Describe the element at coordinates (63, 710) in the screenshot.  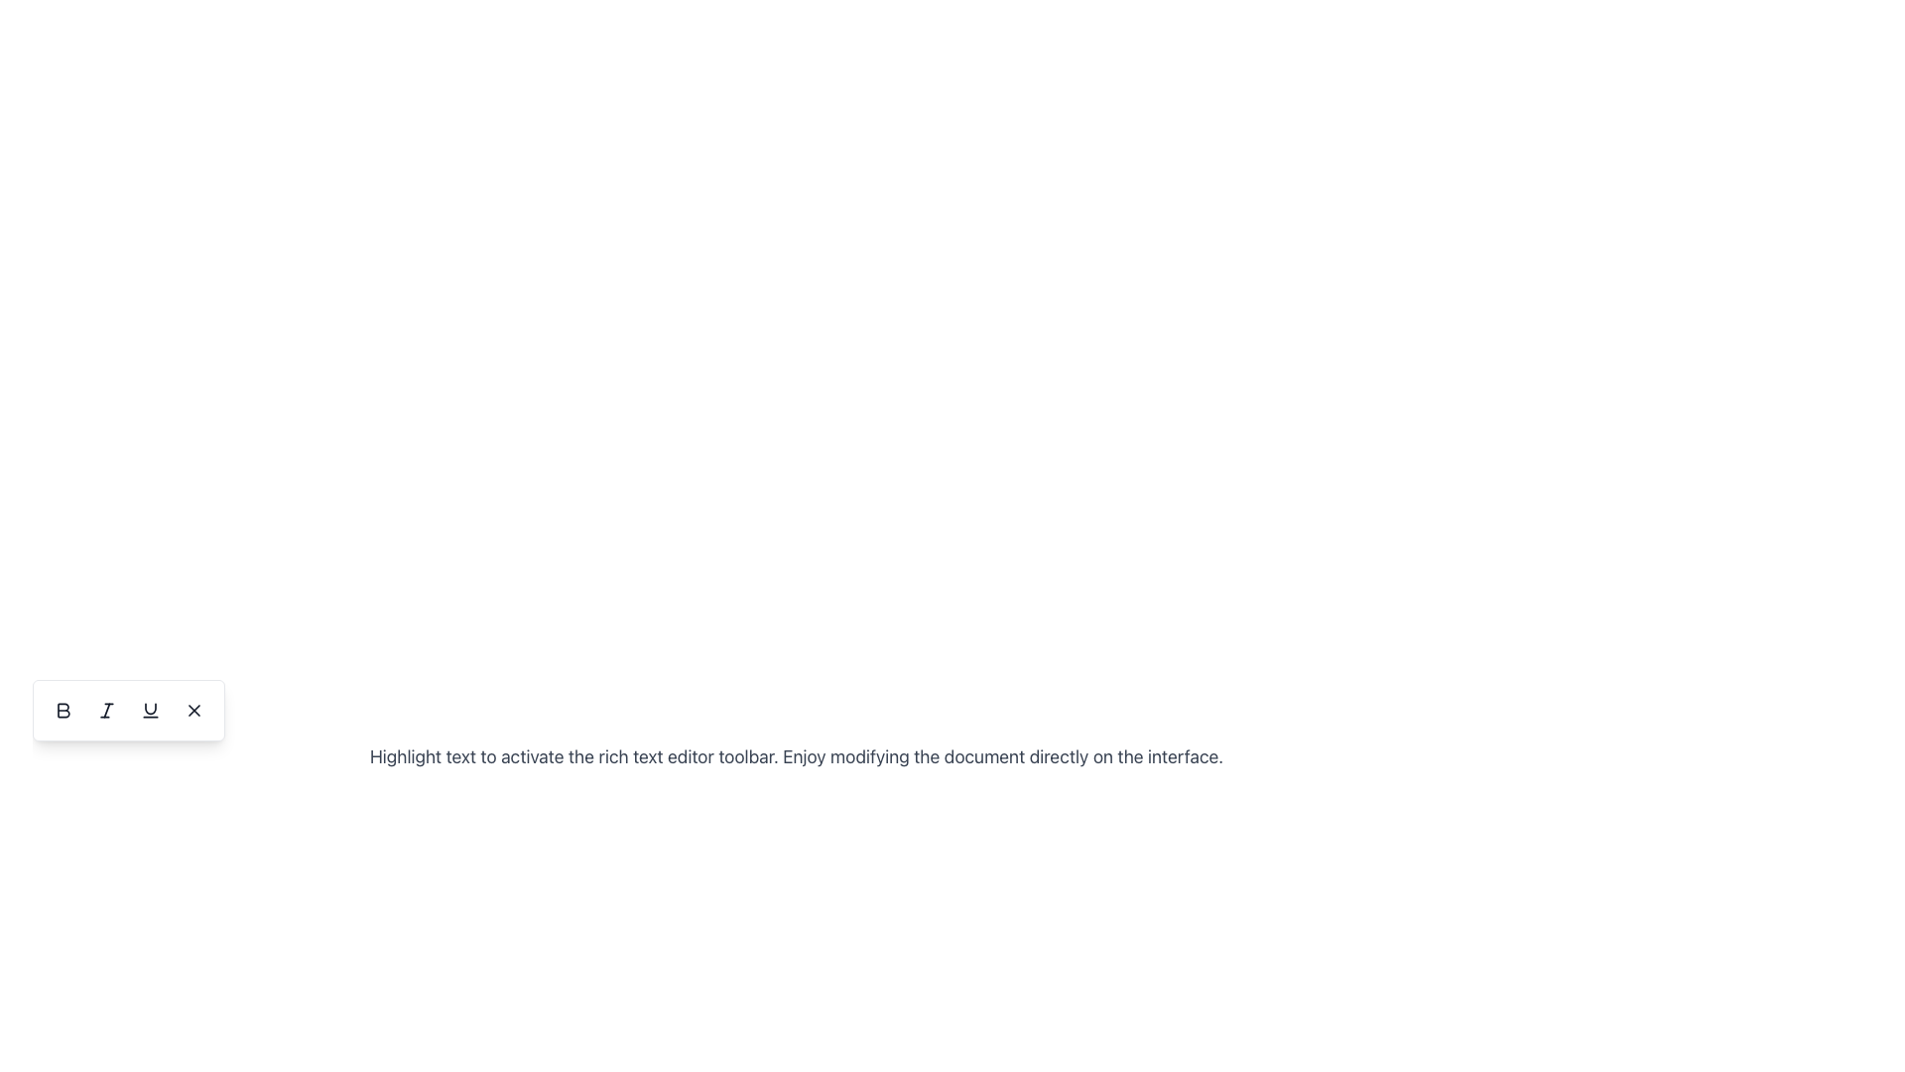
I see `the 'Bold' icon in the text formatting toolbar to apply bold formatting to the selected text` at that location.